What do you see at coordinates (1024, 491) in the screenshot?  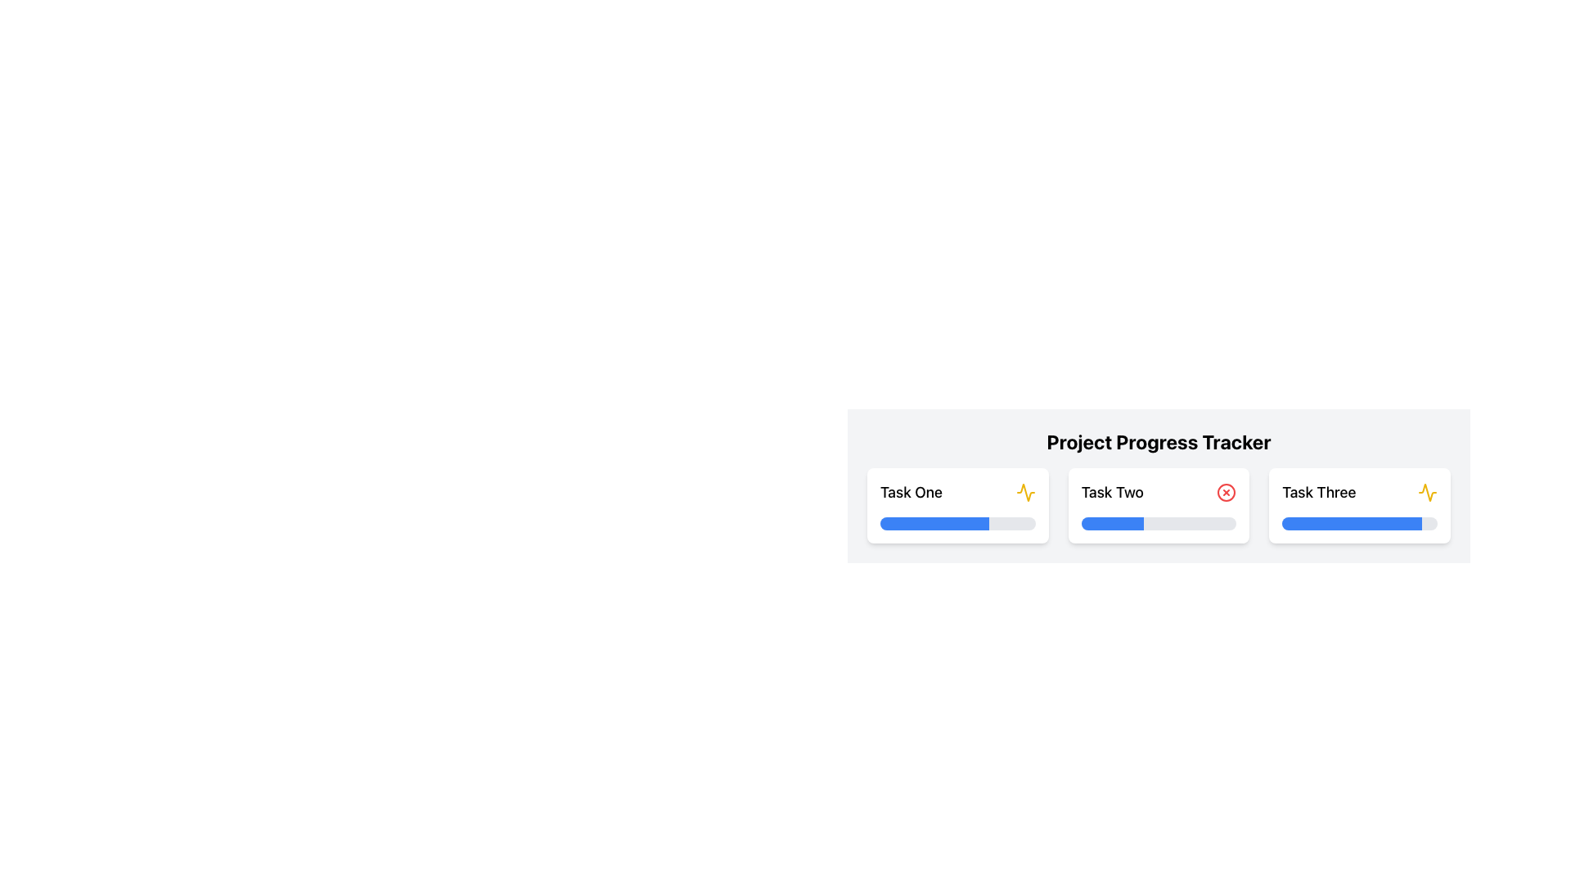 I see `the yellow SVG icon shaped like an activity monitor waveform, which is located to the right of the 'Task One' text` at bounding box center [1024, 491].